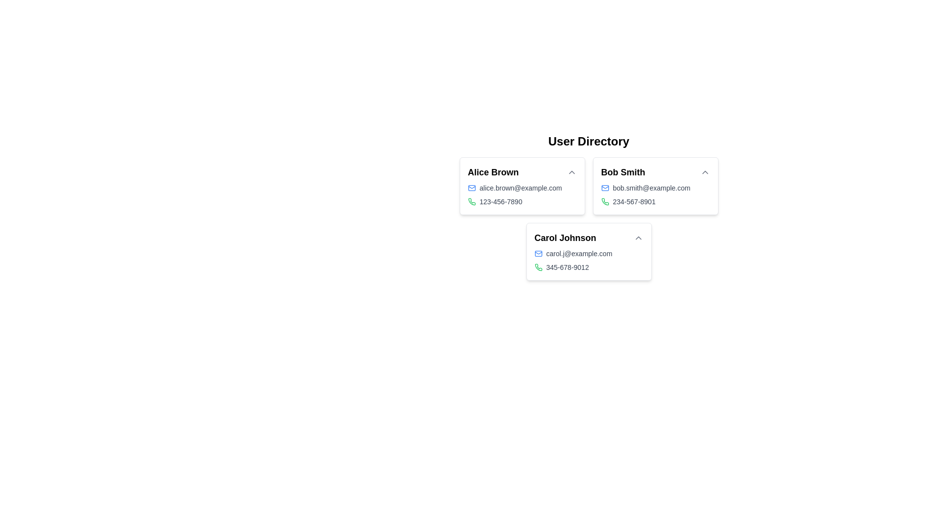 Image resolution: width=941 pixels, height=529 pixels. What do you see at coordinates (538, 267) in the screenshot?
I see `the green phone icon located to the left of the phone number '345-678-9012' in the contact card for 'Carol Johnson' to initiate a phone call` at bounding box center [538, 267].